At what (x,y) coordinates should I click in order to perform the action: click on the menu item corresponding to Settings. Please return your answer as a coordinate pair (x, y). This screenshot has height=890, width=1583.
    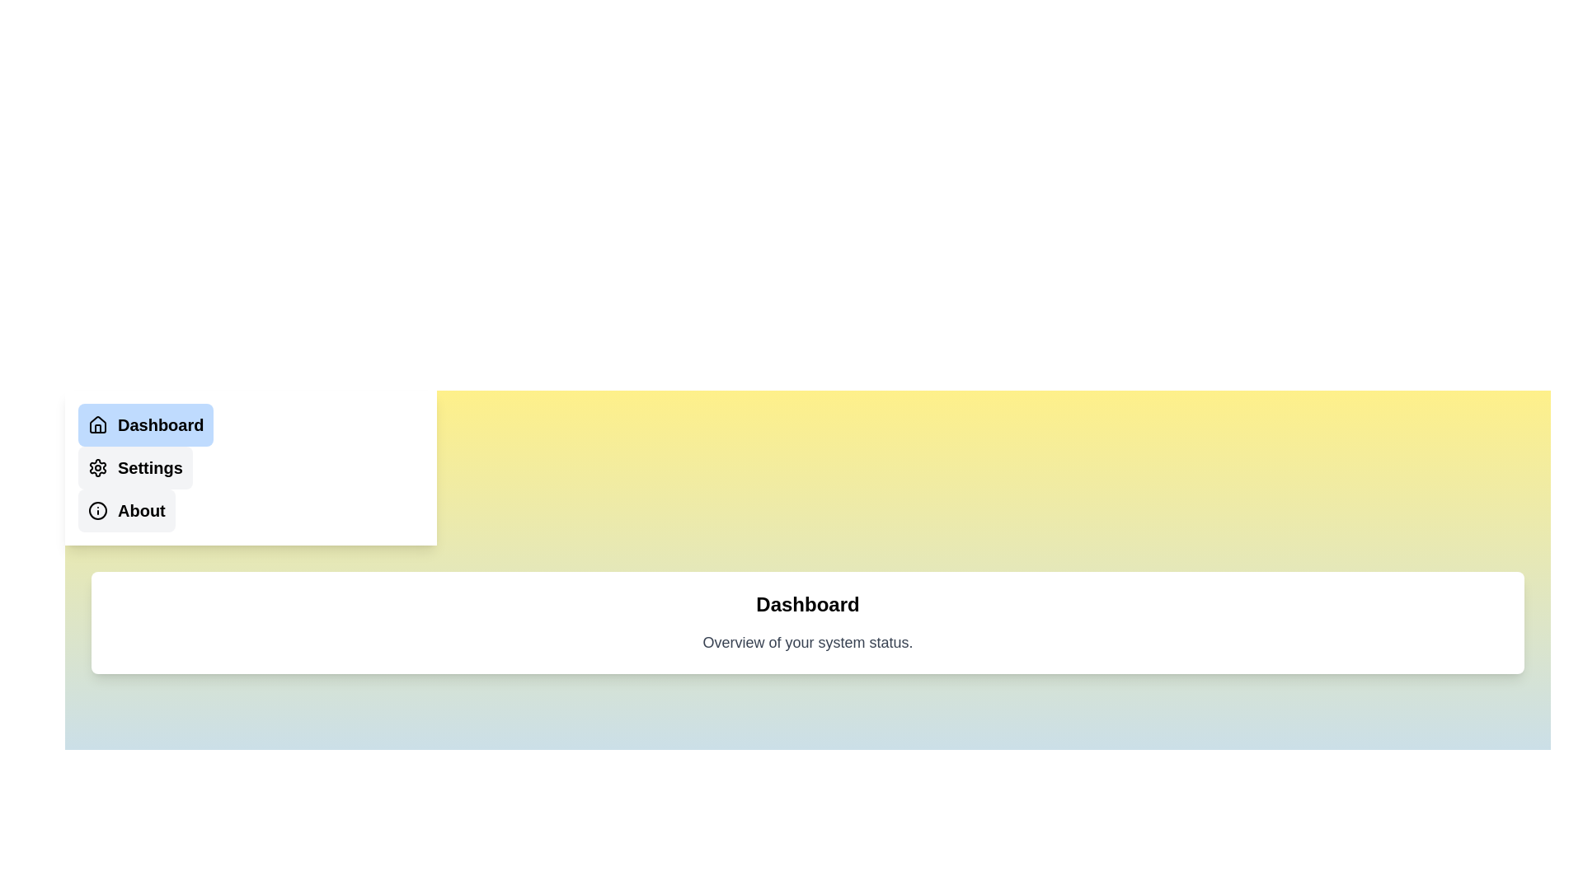
    Looking at the image, I should click on (134, 467).